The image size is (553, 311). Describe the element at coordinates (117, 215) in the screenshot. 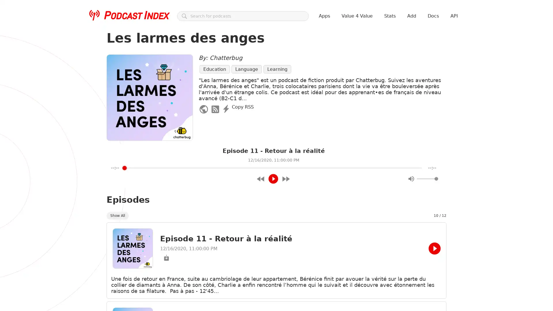

I see `Show All` at that location.